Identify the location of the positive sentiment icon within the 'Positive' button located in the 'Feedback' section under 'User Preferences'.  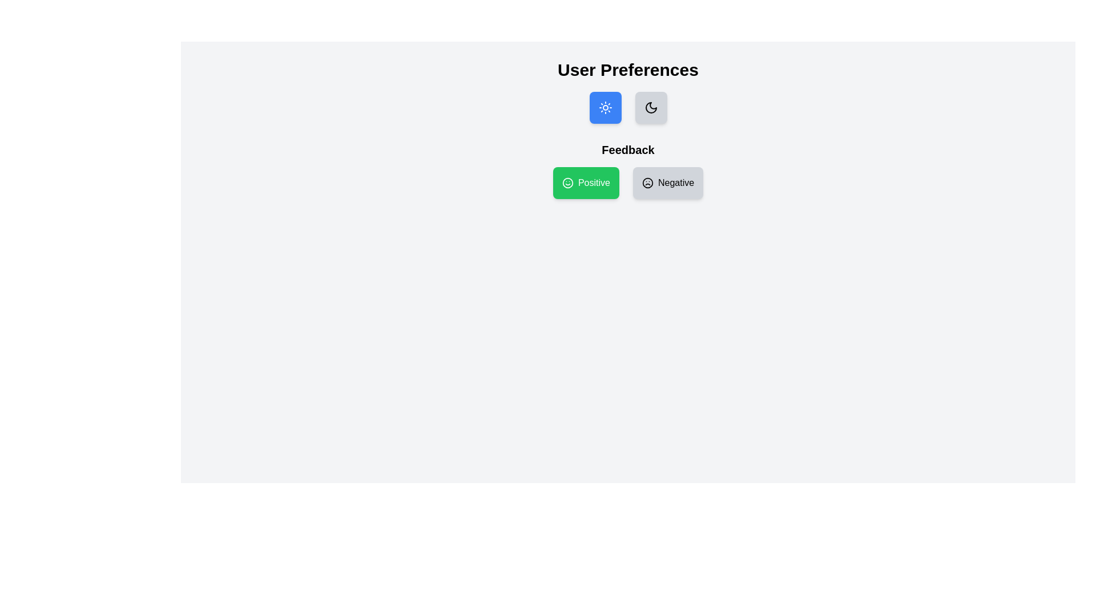
(567, 182).